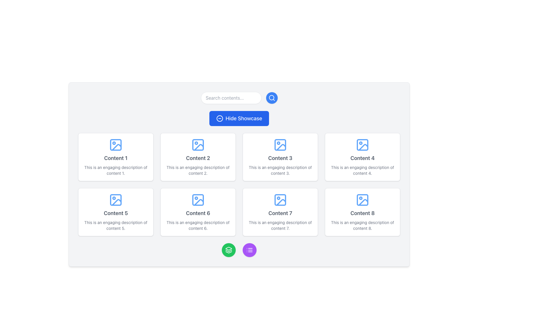 Image resolution: width=556 pixels, height=313 pixels. Describe the element at coordinates (239, 250) in the screenshot. I see `the green button in the horizontal button group located at the bottom of the main content grid` at that location.